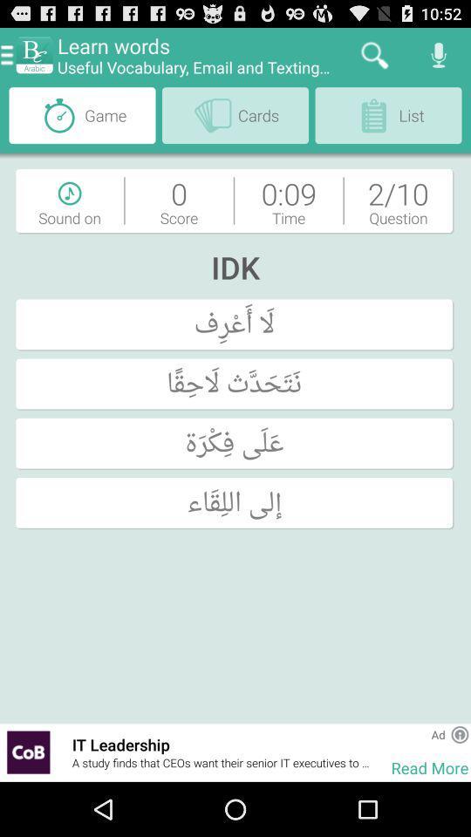 This screenshot has height=837, width=471. What do you see at coordinates (64, 752) in the screenshot?
I see `icon next to the it leadership` at bounding box center [64, 752].